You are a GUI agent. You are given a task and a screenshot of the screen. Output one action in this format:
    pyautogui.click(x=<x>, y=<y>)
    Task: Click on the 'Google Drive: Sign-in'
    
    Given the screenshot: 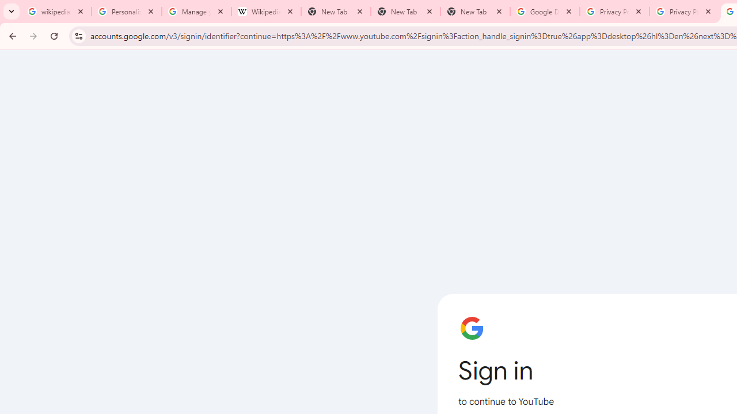 What is the action you would take?
    pyautogui.click(x=544, y=11)
    